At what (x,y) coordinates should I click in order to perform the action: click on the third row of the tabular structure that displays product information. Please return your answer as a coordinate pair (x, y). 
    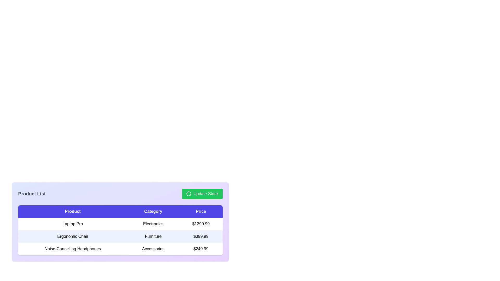
    Looking at the image, I should click on (120, 248).